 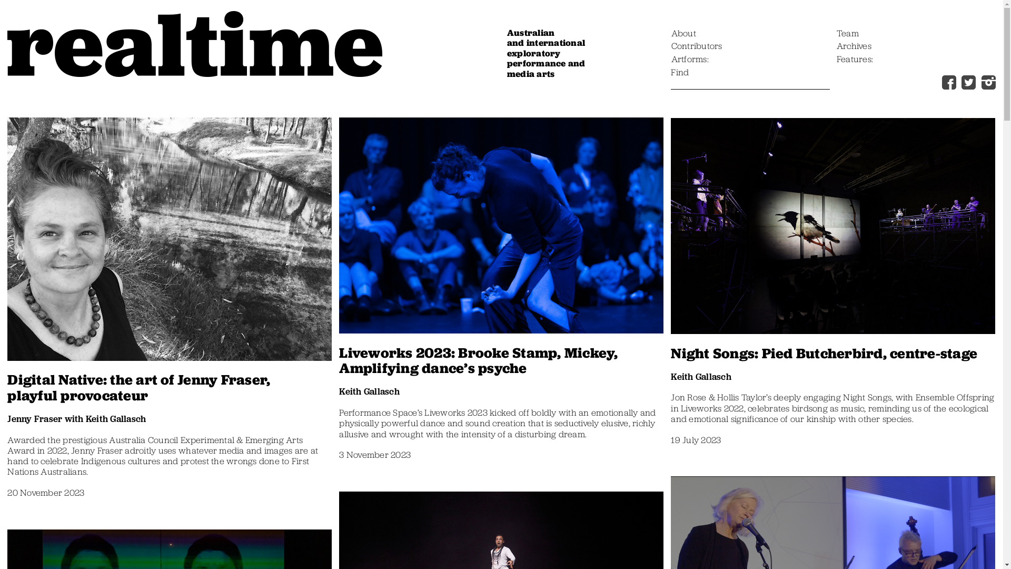 What do you see at coordinates (855, 60) in the screenshot?
I see `'Features'` at bounding box center [855, 60].